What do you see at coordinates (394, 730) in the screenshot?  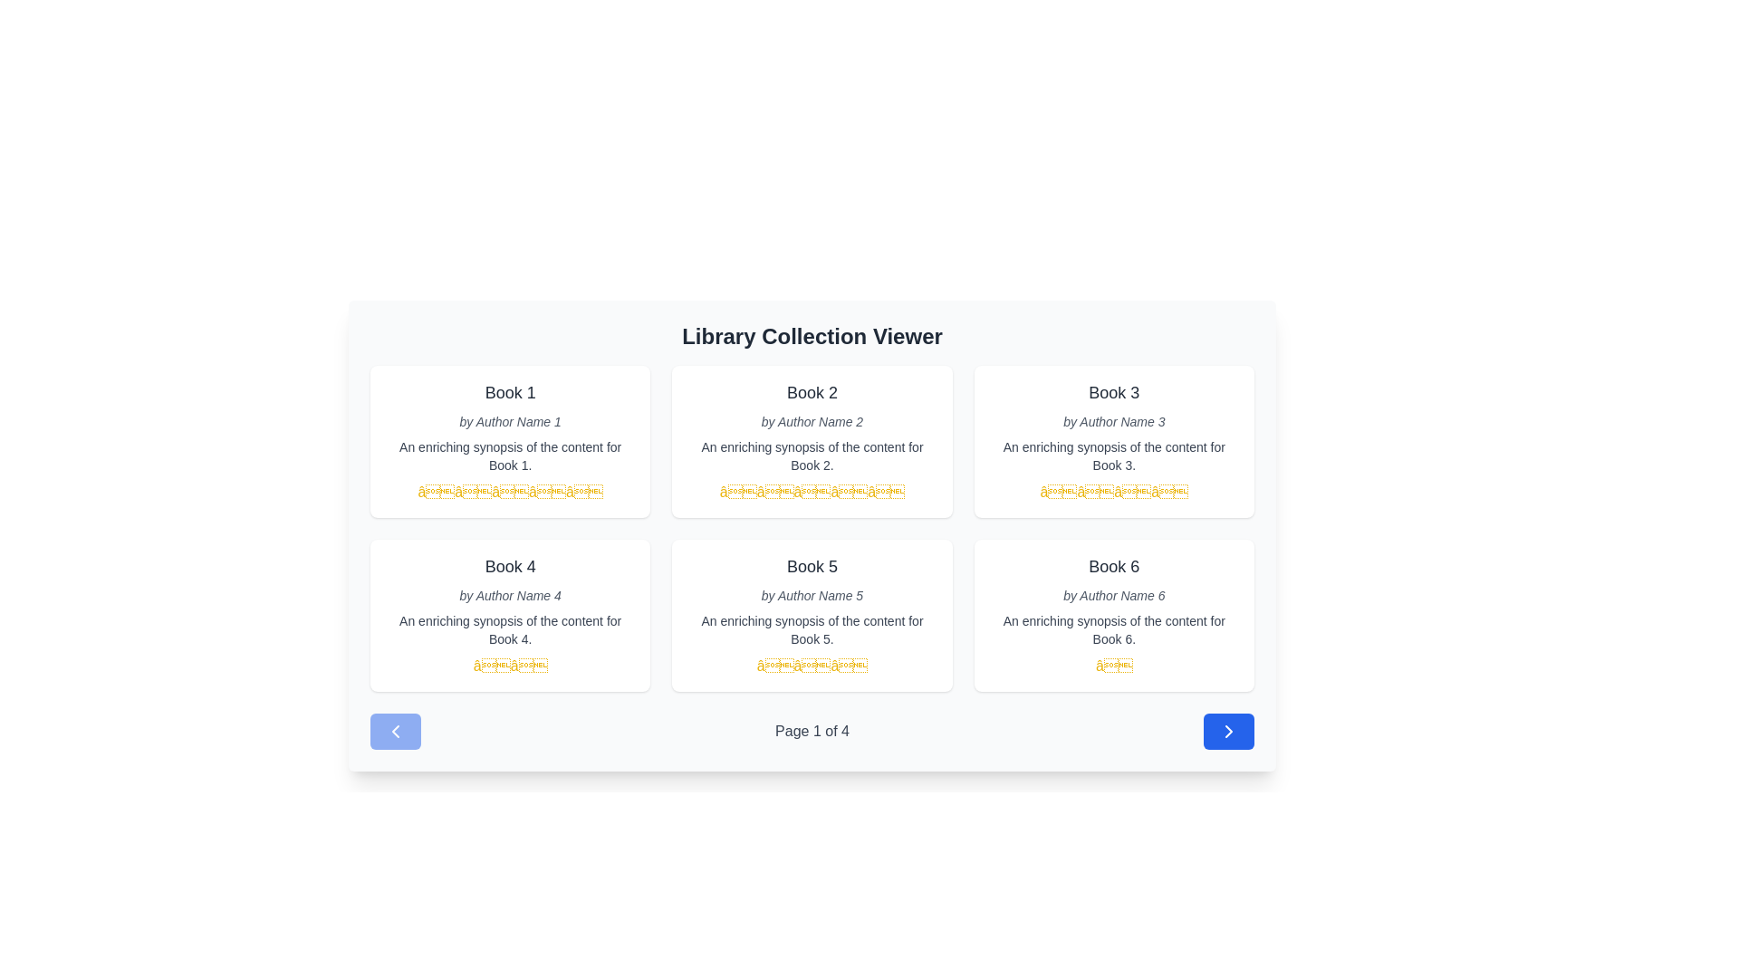 I see `the leftmost chevron-shaped icon in the bottom navigation interface` at bounding box center [394, 730].